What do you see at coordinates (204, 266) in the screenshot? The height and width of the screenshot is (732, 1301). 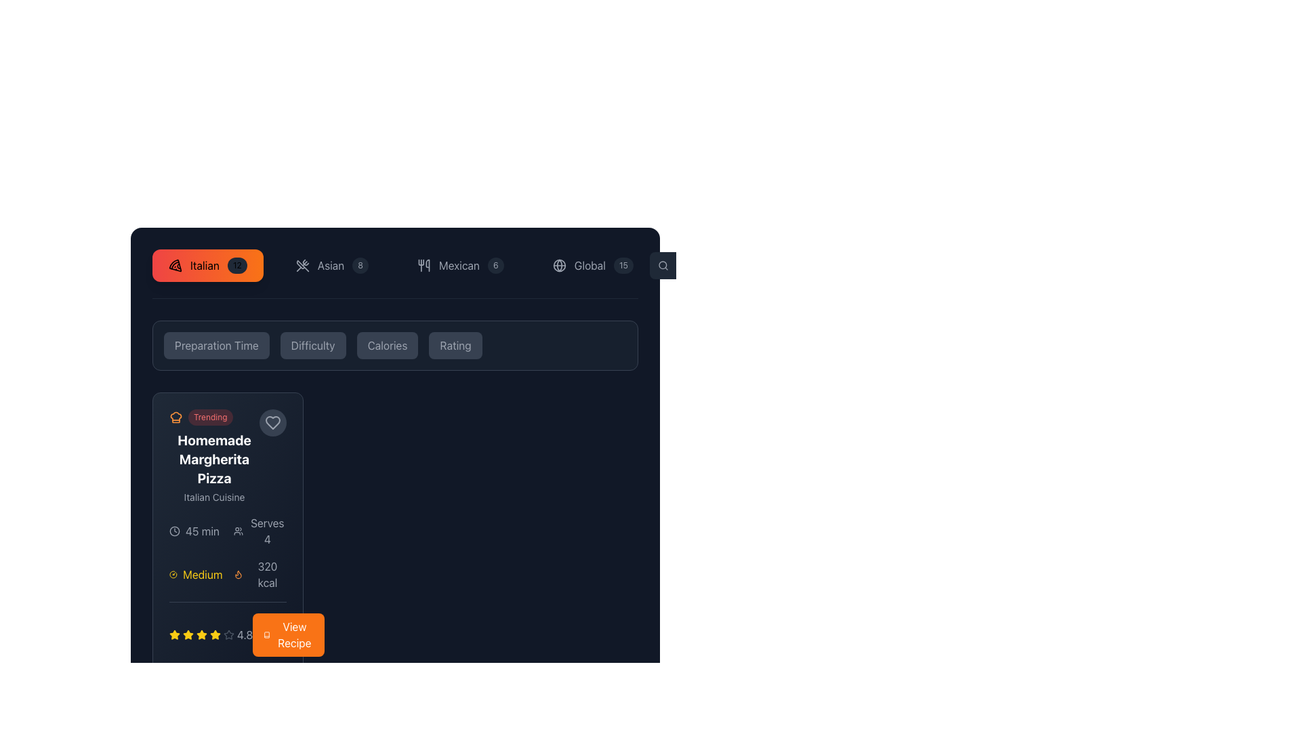 I see `the button containing the bold 'Italian' text label, which is centrally aligned within a gradient background and accompanied by a badge with '12' and a pizza slice icon` at bounding box center [204, 266].